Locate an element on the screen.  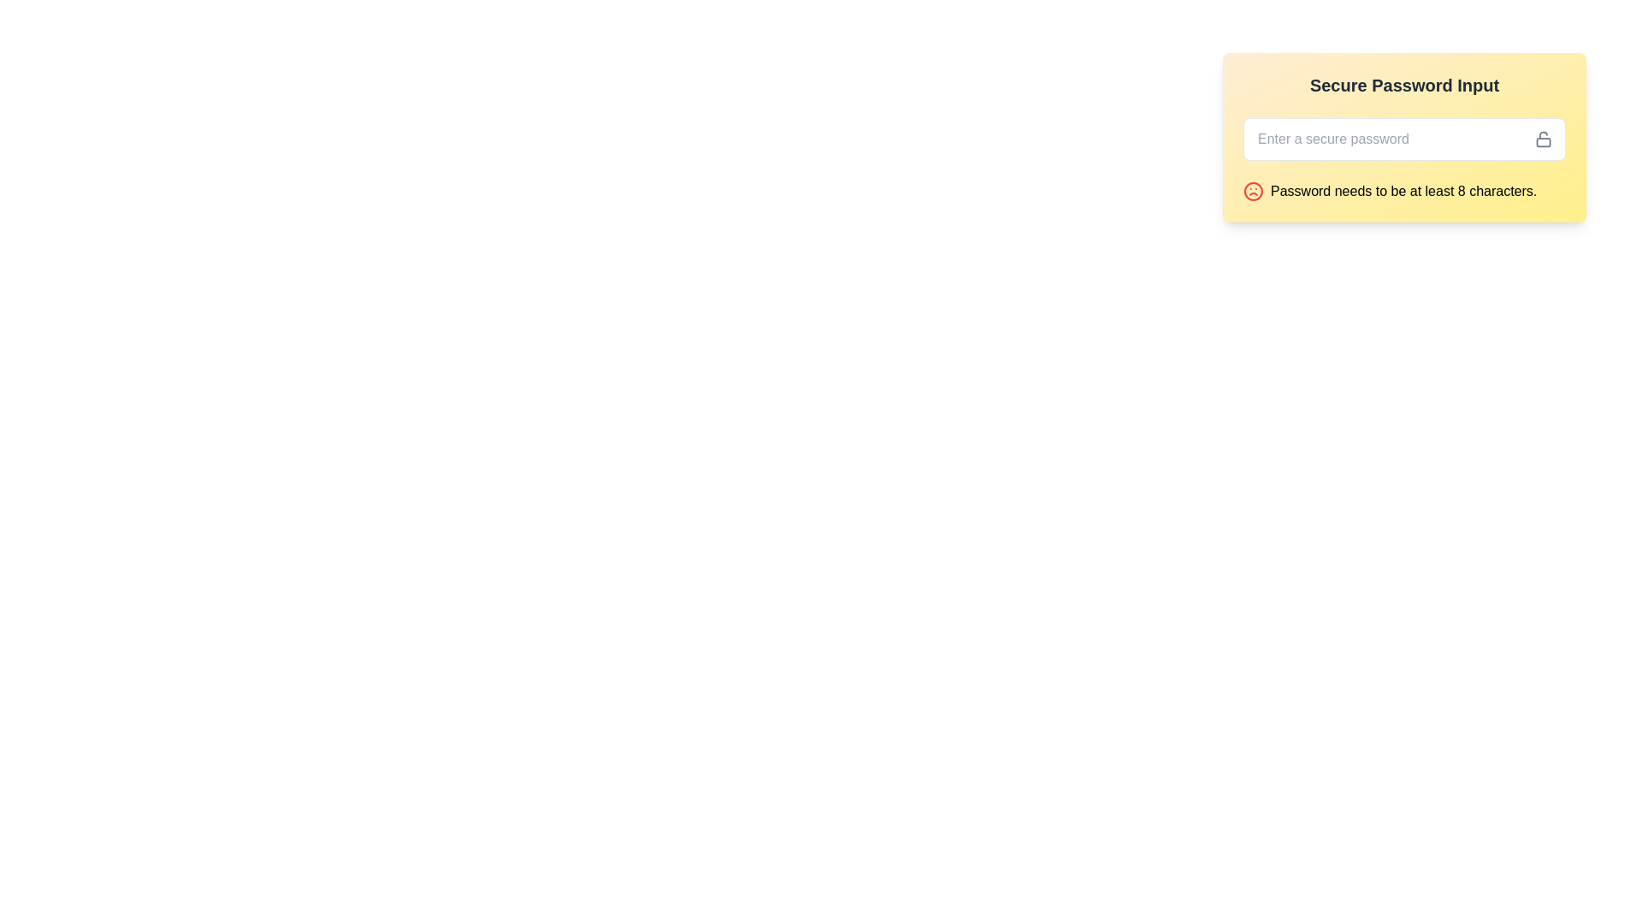
the warning icon indicating password requirements, located to the left of the text message 'Password needs to be at least 8 characters.' inside a yellow box beneath the password input field is located at coordinates (1253, 191).